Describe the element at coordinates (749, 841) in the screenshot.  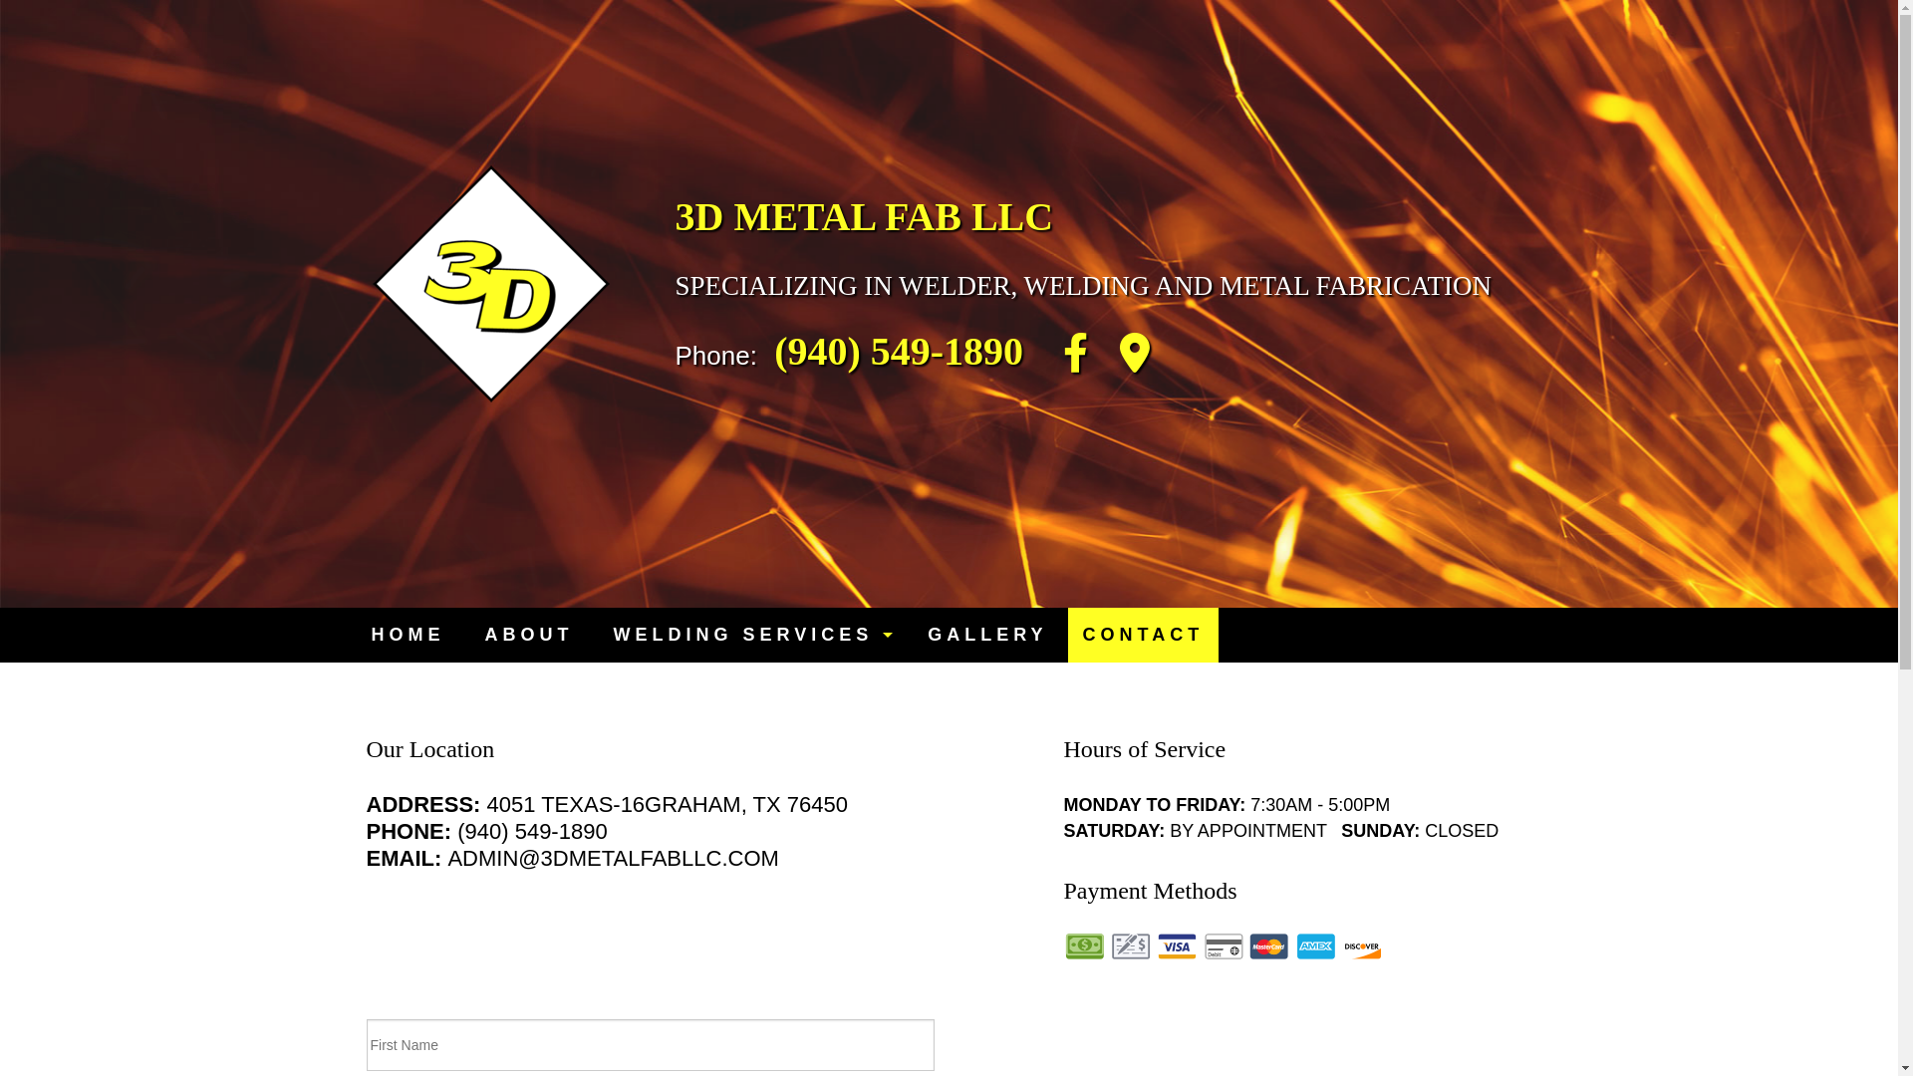
I see `'custom fabrication'` at that location.